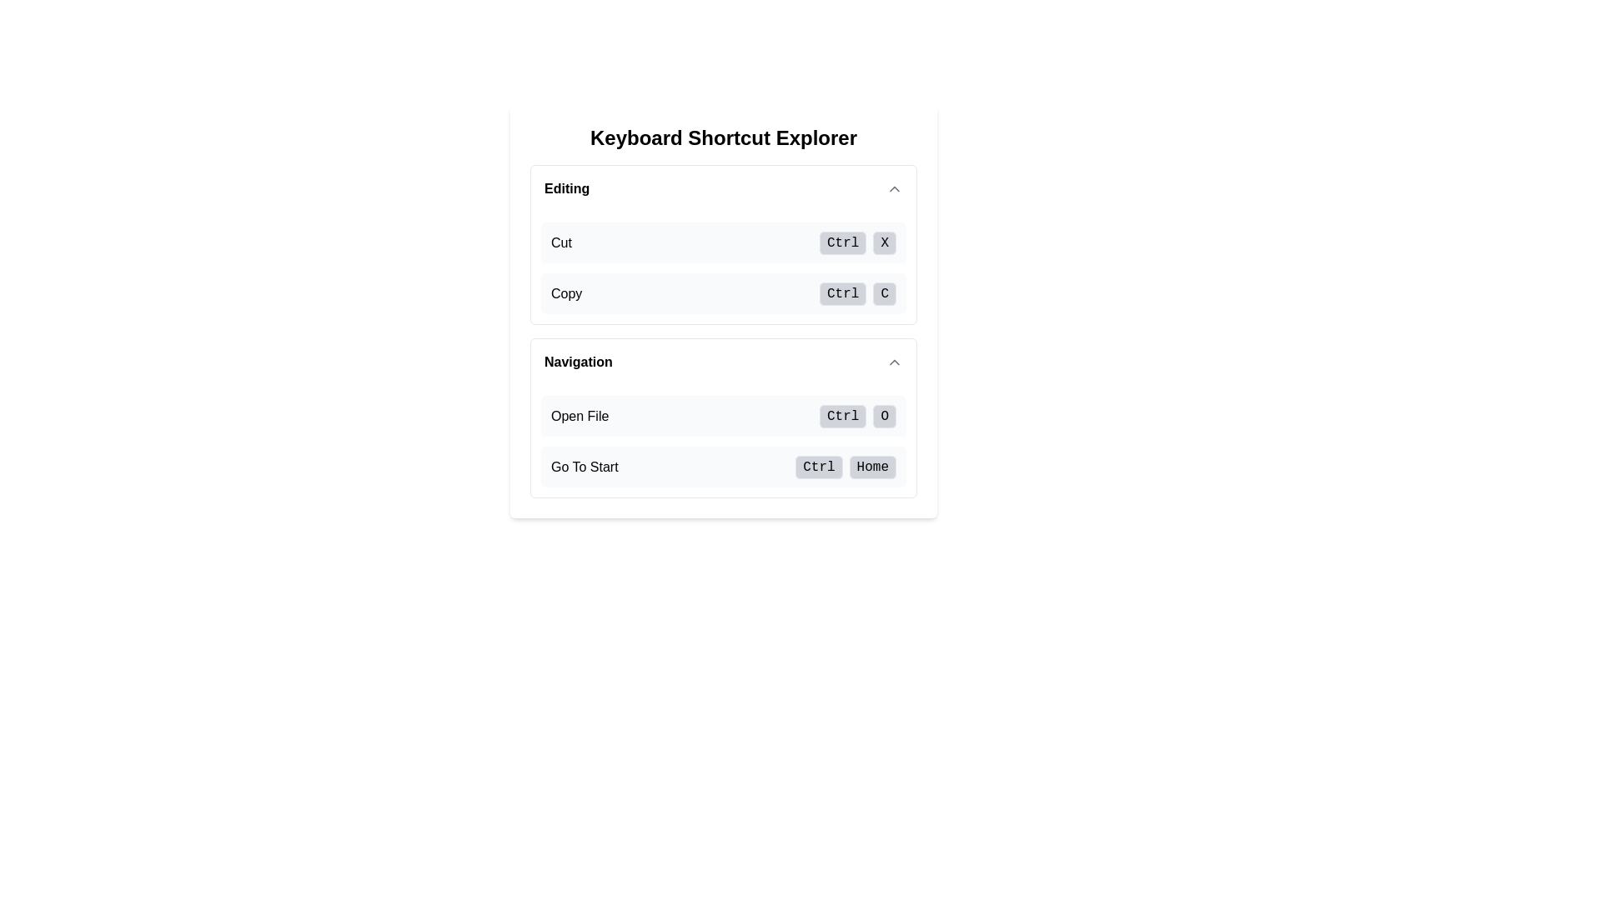 The height and width of the screenshot is (900, 1601). I want to click on the button-like text label containing the letter 'X', located to the right of the 'Ctrl' element in the 'Cut' entry of the 'Keyboard Shortcut Explorer' interface, so click(884, 243).